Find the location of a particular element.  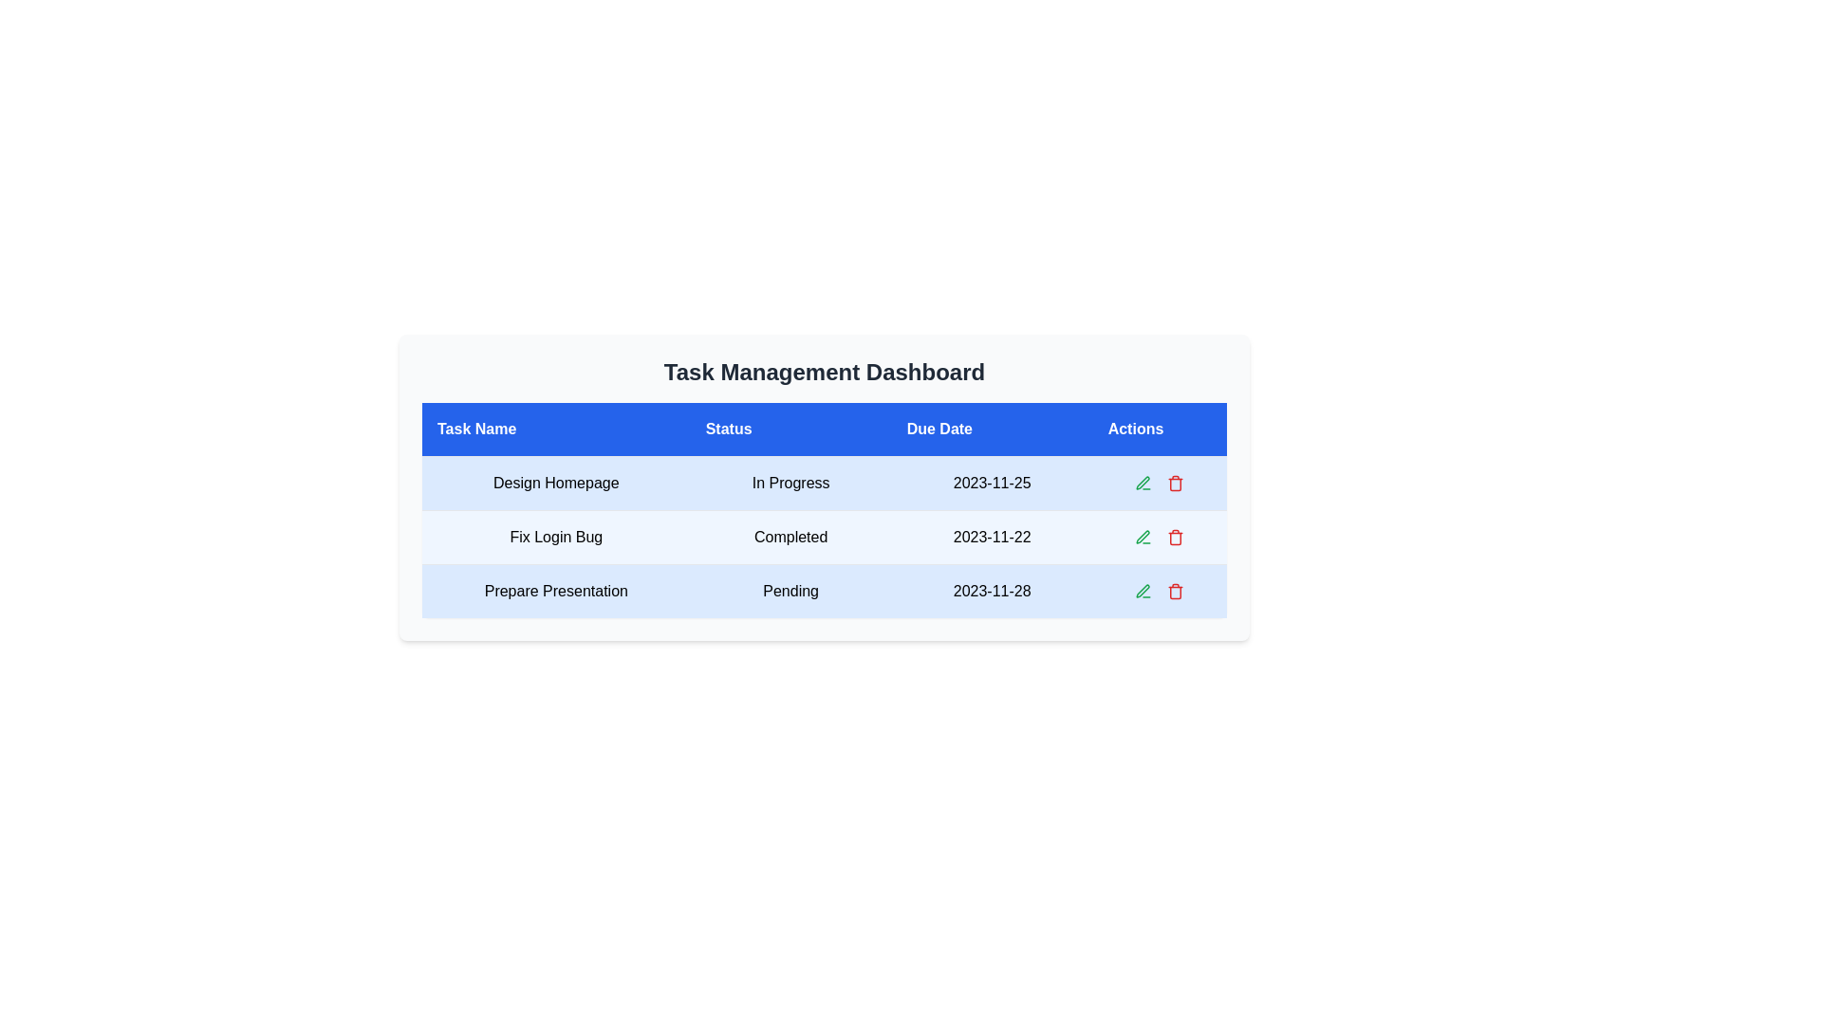

the 'Pending' text label in the second cell of the 'Prepare Presentation' row in the 'Status' column, which is displayed in black on a light blue background is located at coordinates (790, 590).